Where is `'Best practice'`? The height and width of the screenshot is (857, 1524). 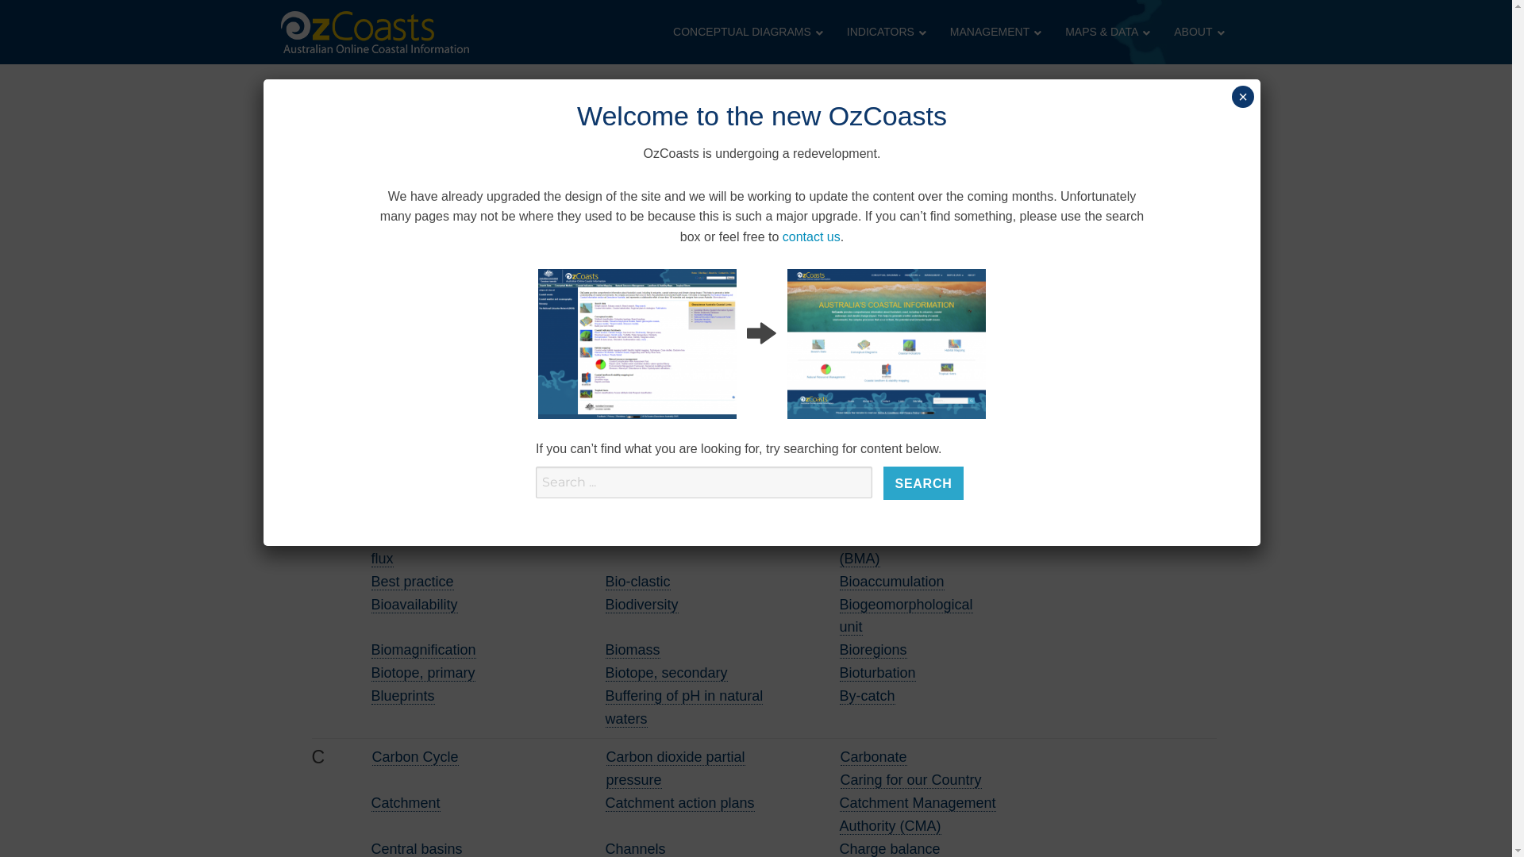
'Best practice' is located at coordinates (412, 582).